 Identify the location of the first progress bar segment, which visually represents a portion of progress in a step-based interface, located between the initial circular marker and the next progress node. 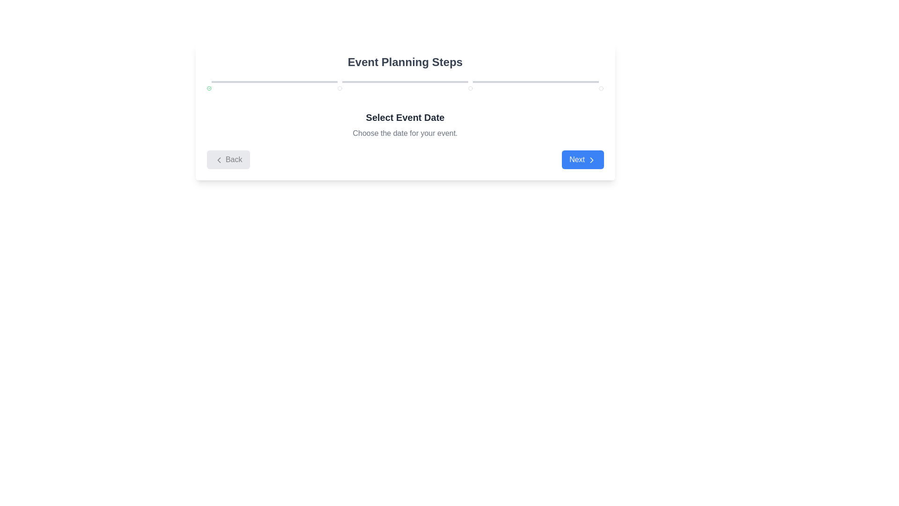
(274, 81).